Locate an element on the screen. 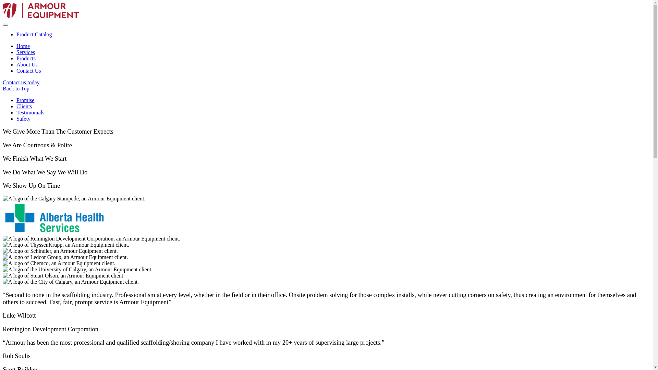 Image resolution: width=658 pixels, height=370 pixels. 'Back to Top' is located at coordinates (326, 88).